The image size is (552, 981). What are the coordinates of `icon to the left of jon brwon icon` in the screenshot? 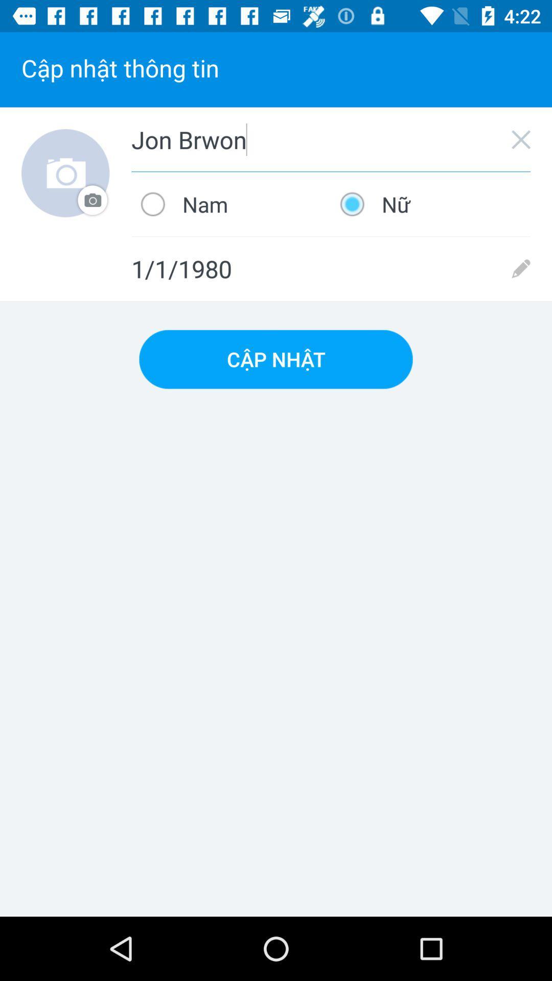 It's located at (65, 173).